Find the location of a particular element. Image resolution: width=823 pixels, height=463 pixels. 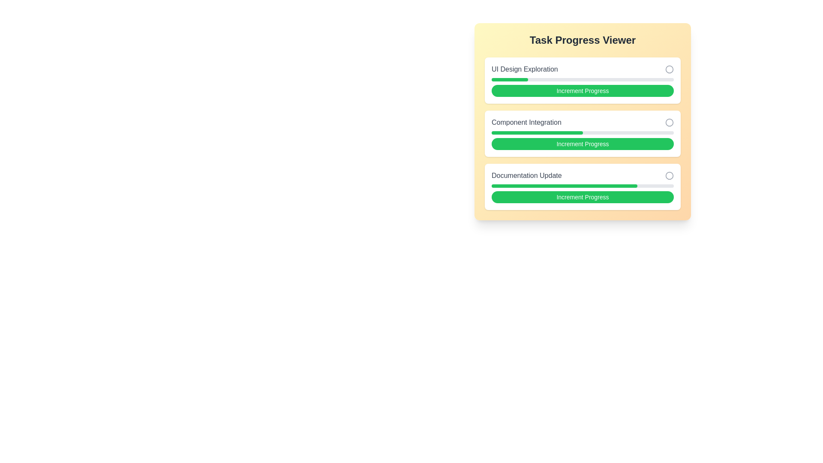

the 'Task Progress Viewer' Text Display element, which serves as the title for the section and provides visual clarity but does not accept direct user interaction is located at coordinates (583, 40).